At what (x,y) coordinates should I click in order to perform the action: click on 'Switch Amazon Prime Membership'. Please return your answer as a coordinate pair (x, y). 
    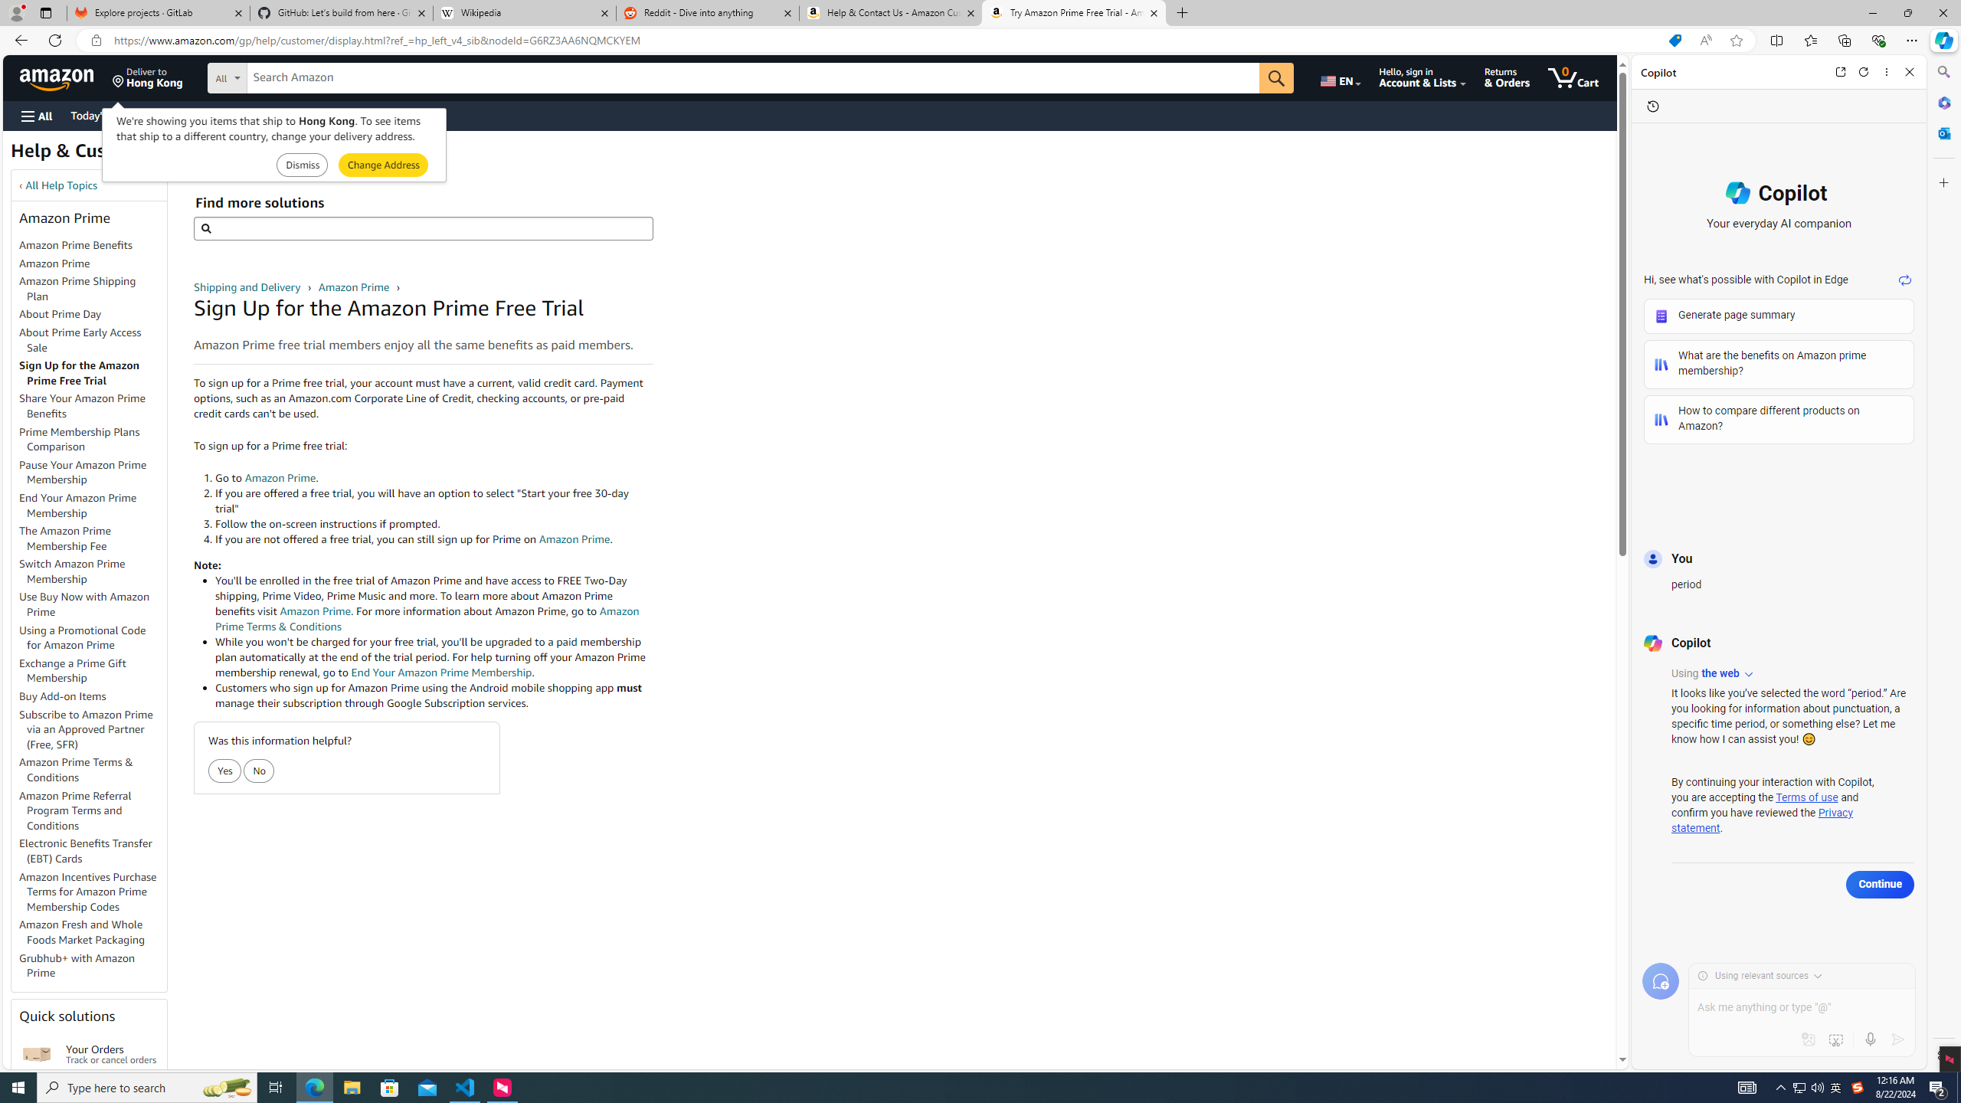
    Looking at the image, I should click on (71, 570).